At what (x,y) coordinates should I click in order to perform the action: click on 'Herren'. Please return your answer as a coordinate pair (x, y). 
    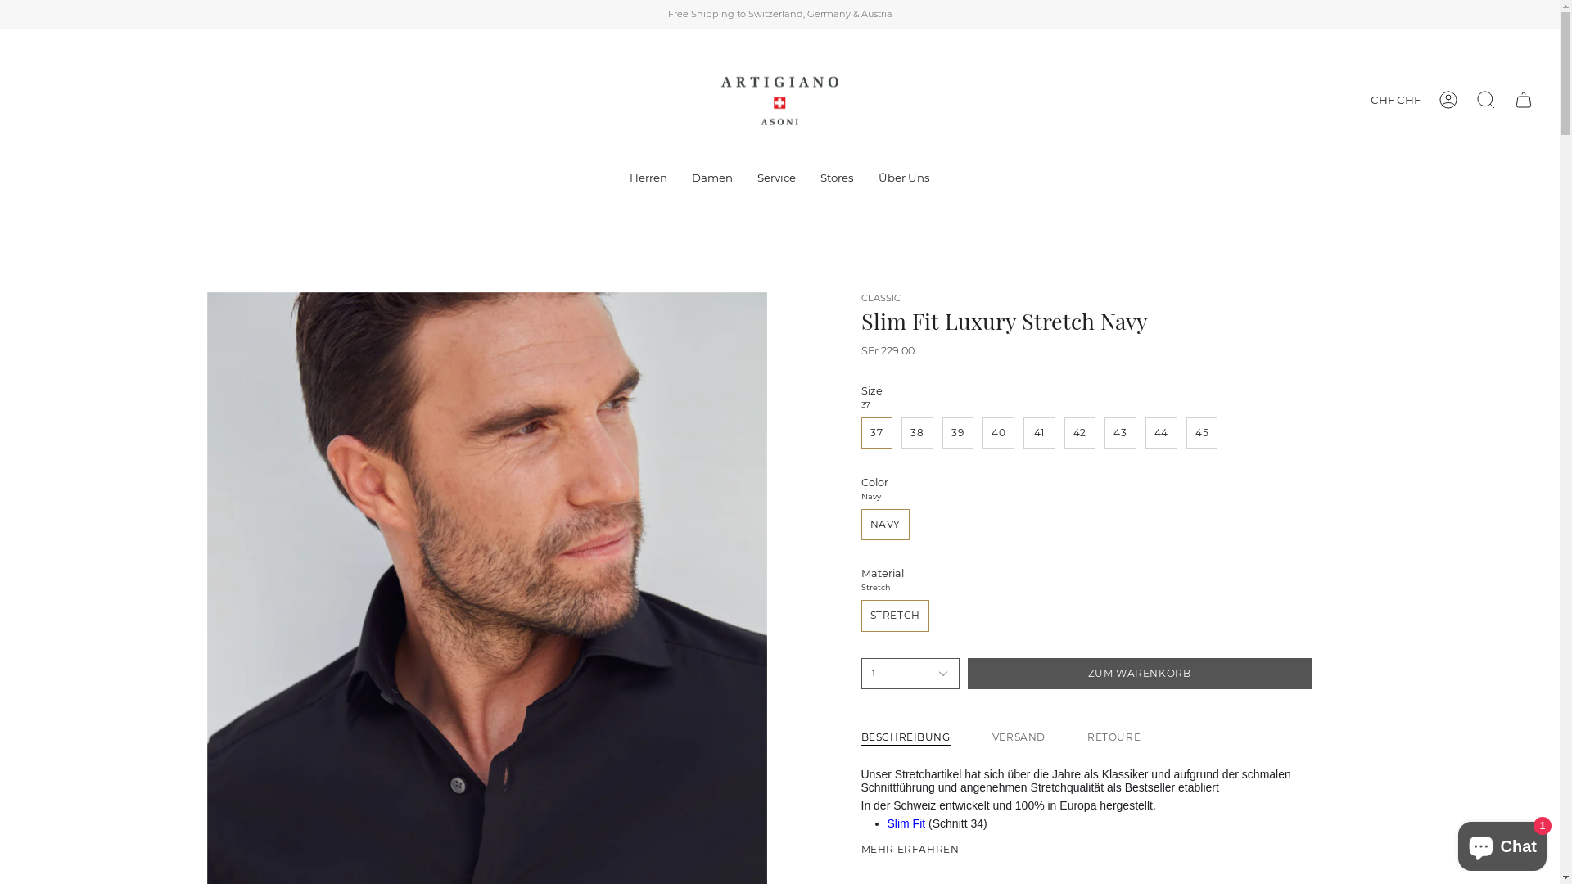
    Looking at the image, I should click on (648, 178).